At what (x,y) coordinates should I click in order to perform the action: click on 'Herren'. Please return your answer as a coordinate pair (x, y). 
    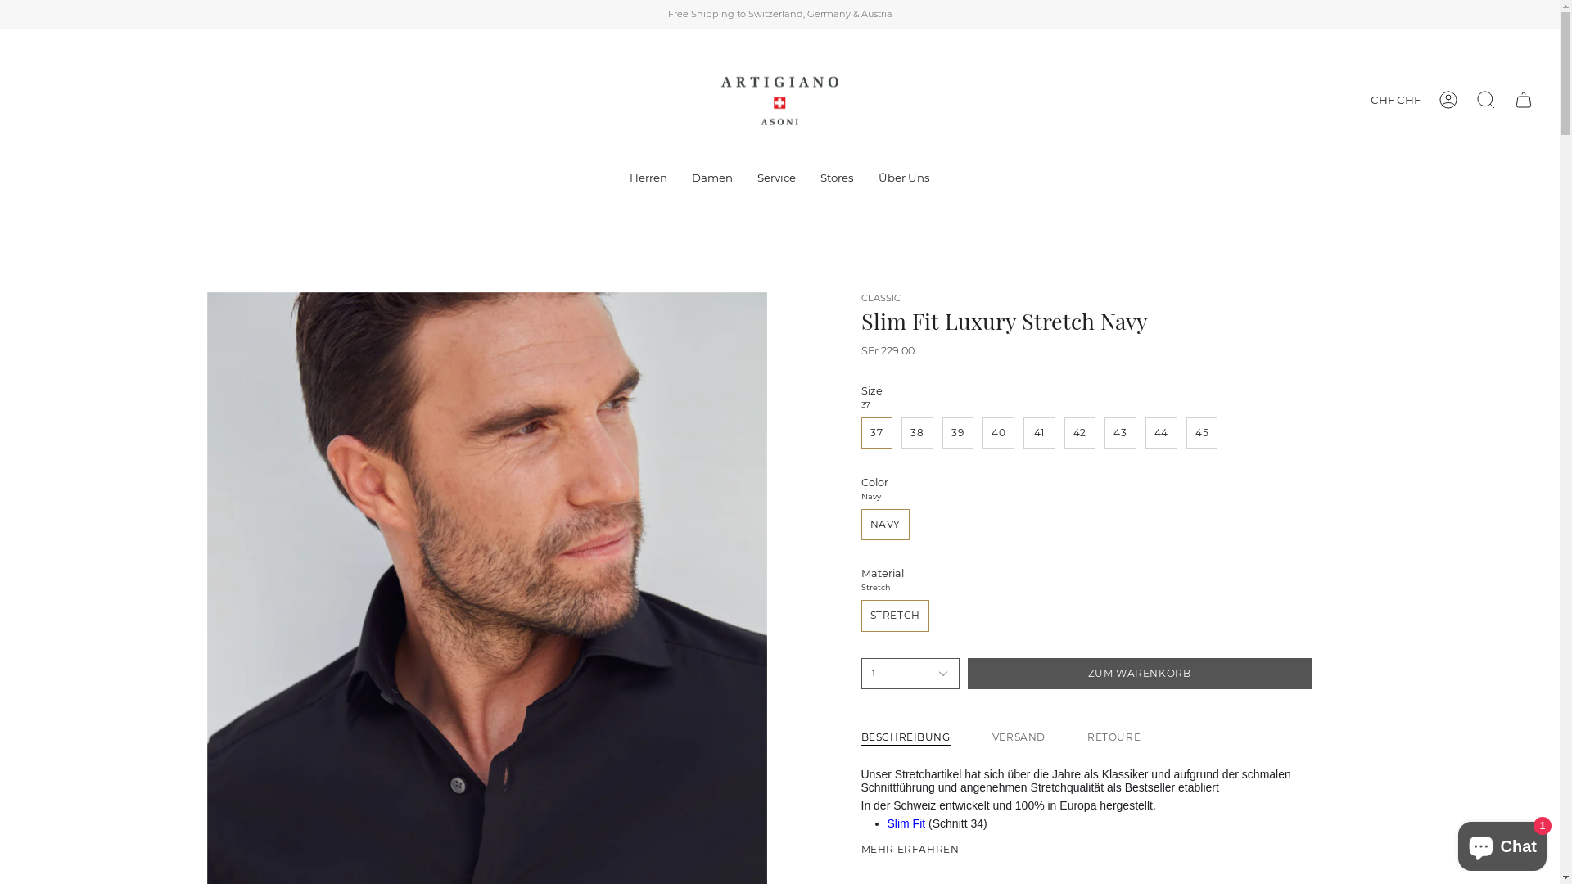
    Looking at the image, I should click on (648, 178).